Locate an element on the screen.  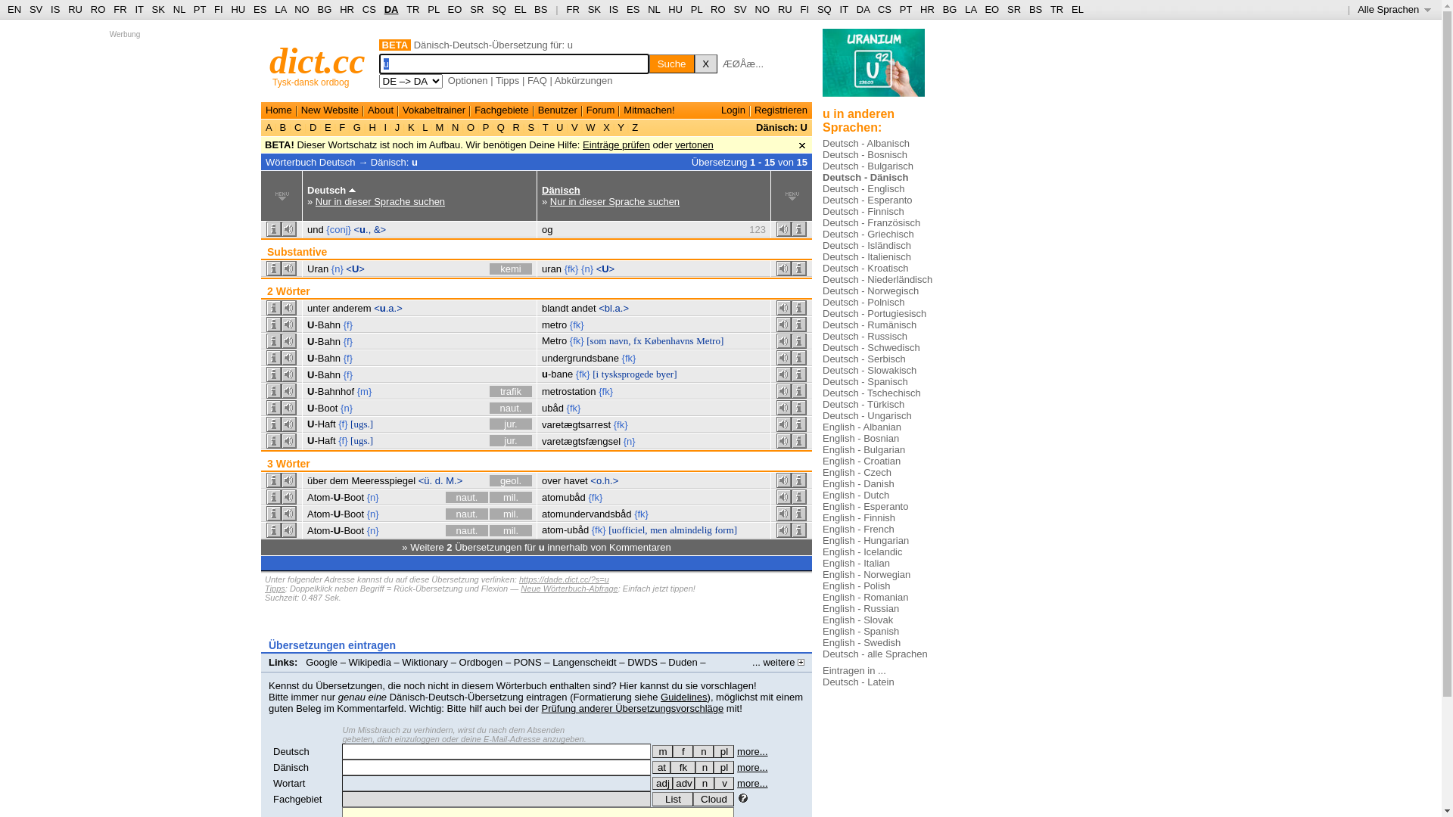
'English - Slovak' is located at coordinates (857, 620).